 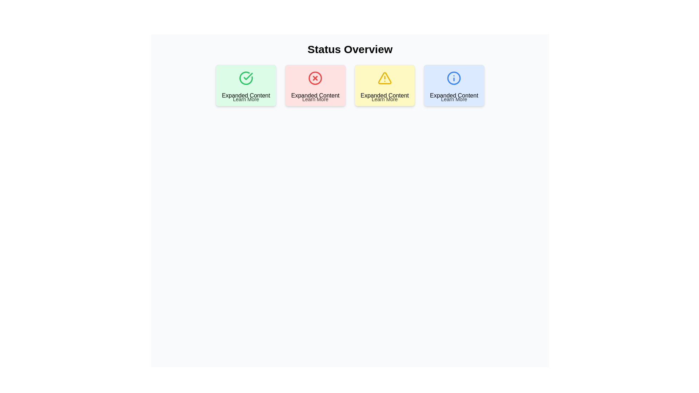 I want to click on the 'Learn More' hyperlink located at the bottom of the leftmost card, beneath 'Expanded Content', so click(x=246, y=99).